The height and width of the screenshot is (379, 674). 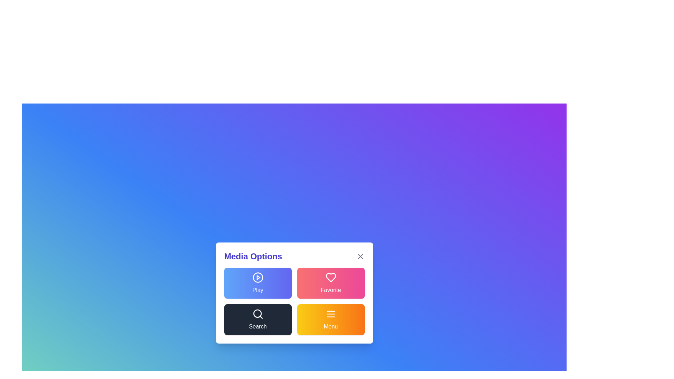 I want to click on the heart icon element located in the second row, second column of the 'Media Options' modal, so click(x=330, y=277).